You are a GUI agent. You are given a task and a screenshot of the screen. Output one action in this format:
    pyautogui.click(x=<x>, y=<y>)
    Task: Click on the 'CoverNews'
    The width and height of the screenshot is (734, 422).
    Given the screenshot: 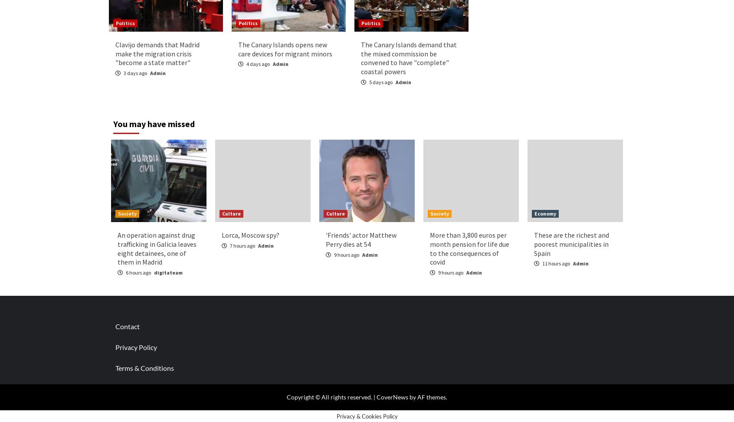 What is the action you would take?
    pyautogui.click(x=392, y=396)
    